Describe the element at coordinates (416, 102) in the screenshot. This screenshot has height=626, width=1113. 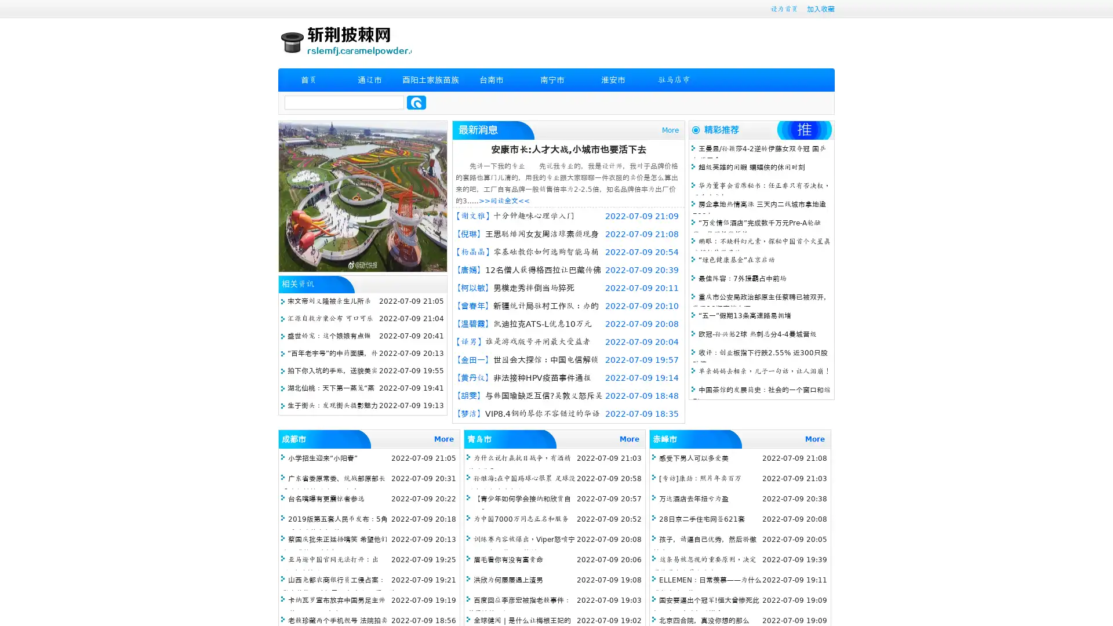
I see `Search` at that location.